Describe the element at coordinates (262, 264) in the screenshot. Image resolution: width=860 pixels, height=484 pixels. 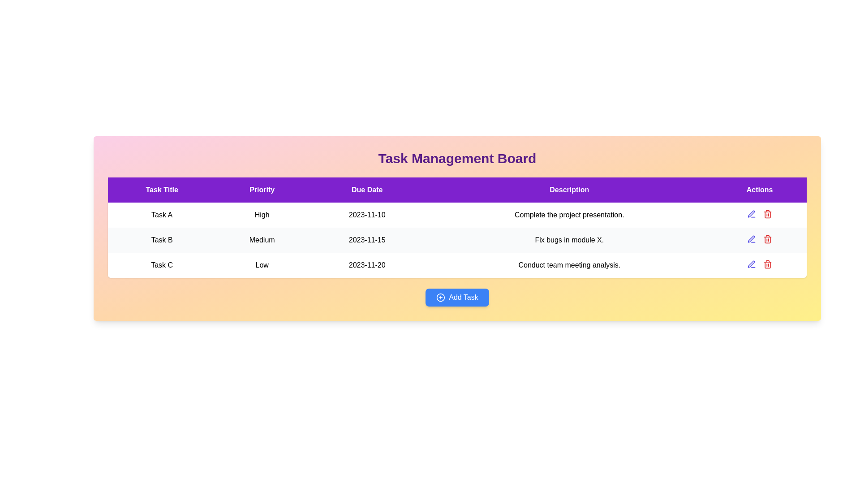
I see `the 'Low' priority level text label in the second column of the last row (Task C) of the table` at that location.